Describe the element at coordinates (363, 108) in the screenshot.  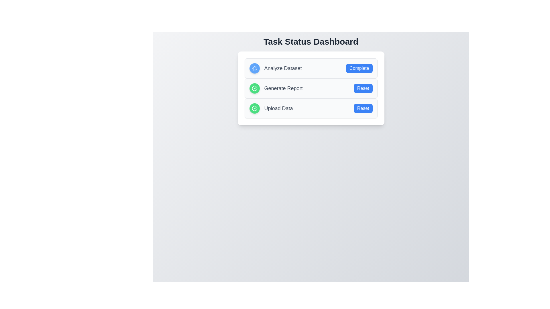
I see `the 'Reset' button with a soft blue background located in the third row of the task list` at that location.